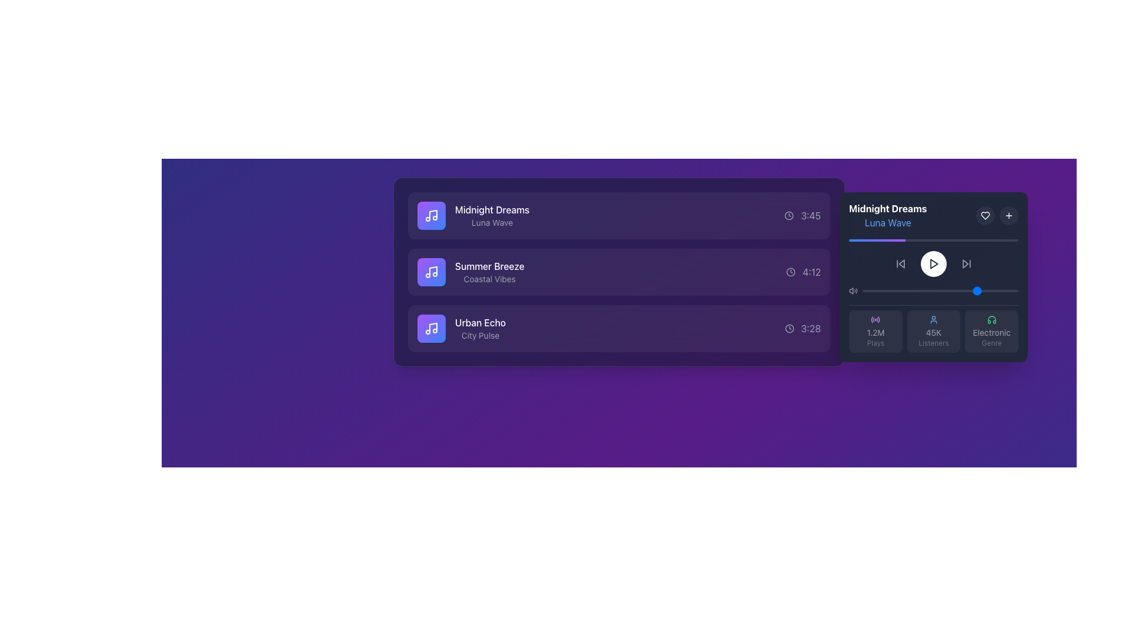 The width and height of the screenshot is (1129, 635). Describe the element at coordinates (933, 263) in the screenshot. I see `the circular play button located in the center of the playback control section of the audio player interface, which features a white background and a black play icon` at that location.